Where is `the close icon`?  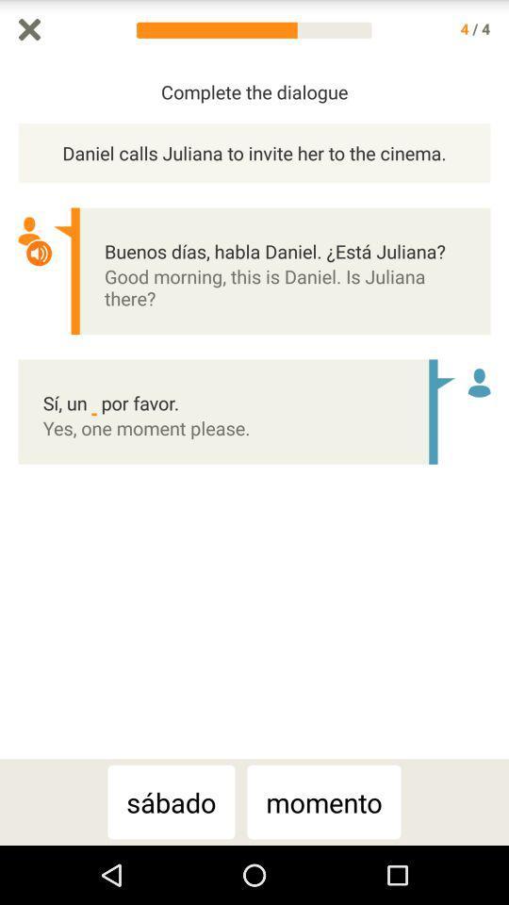 the close icon is located at coordinates (28, 30).